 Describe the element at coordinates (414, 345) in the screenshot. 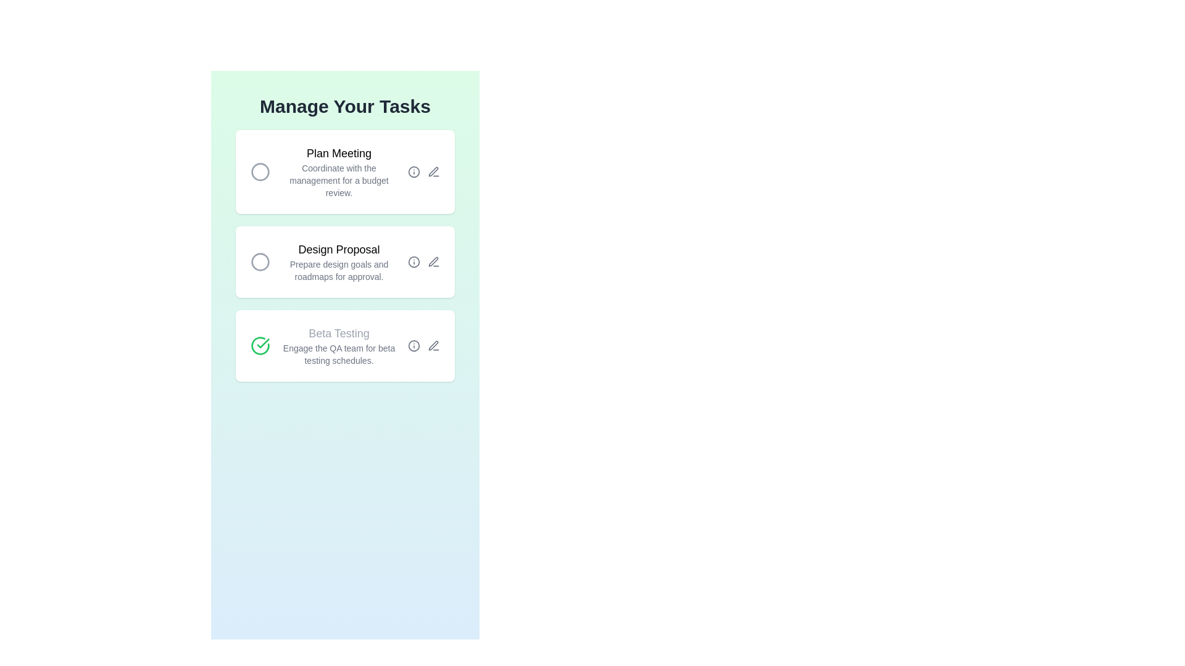

I see `the 'More information' icon for the task 'Beta Testing'` at that location.